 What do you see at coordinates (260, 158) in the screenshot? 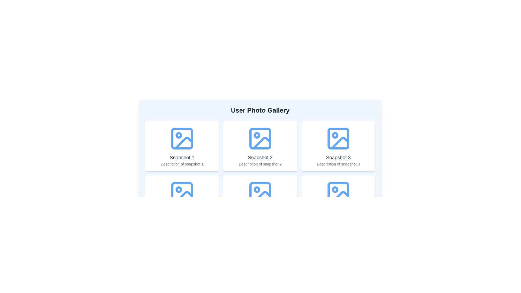
I see `the text label displaying 'Snapshot 2', which is styled in bold gray font and located beneath the image icon of Snapshot 2` at bounding box center [260, 158].